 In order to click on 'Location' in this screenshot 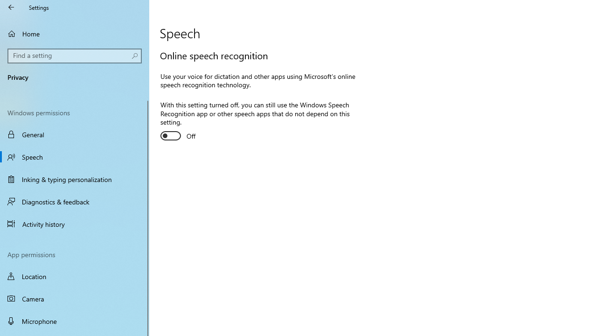, I will do `click(75, 276)`.